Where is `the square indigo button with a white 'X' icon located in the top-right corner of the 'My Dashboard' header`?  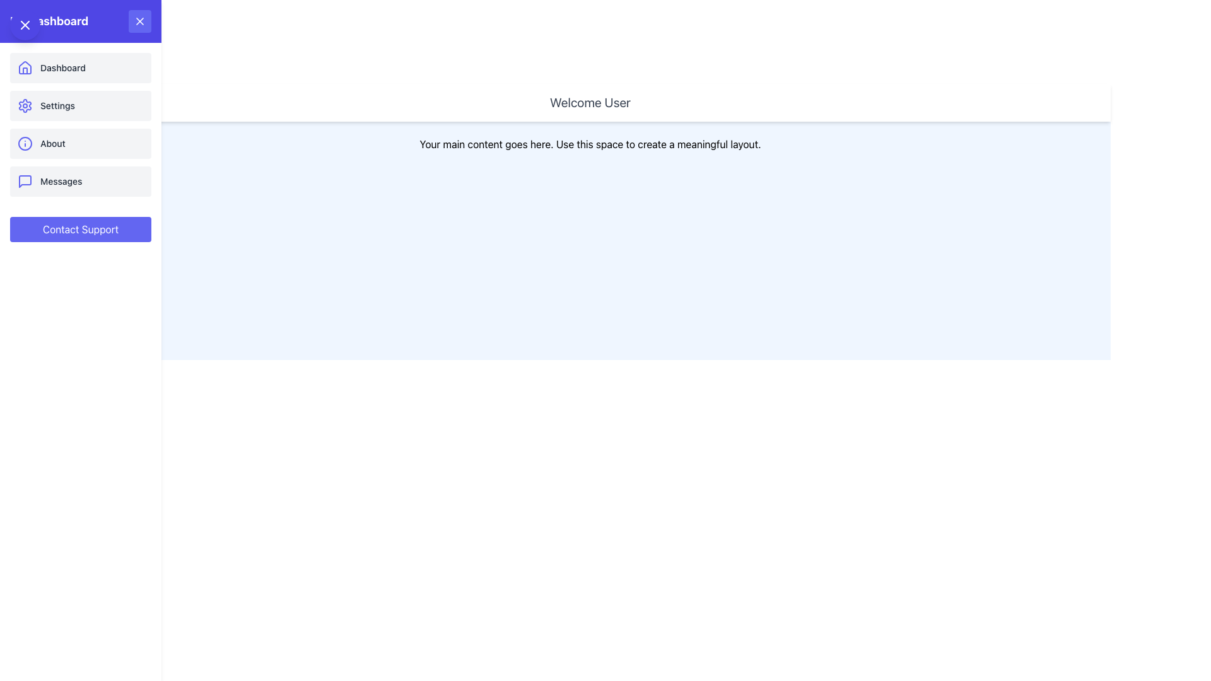 the square indigo button with a white 'X' icon located in the top-right corner of the 'My Dashboard' header is located at coordinates (139, 21).